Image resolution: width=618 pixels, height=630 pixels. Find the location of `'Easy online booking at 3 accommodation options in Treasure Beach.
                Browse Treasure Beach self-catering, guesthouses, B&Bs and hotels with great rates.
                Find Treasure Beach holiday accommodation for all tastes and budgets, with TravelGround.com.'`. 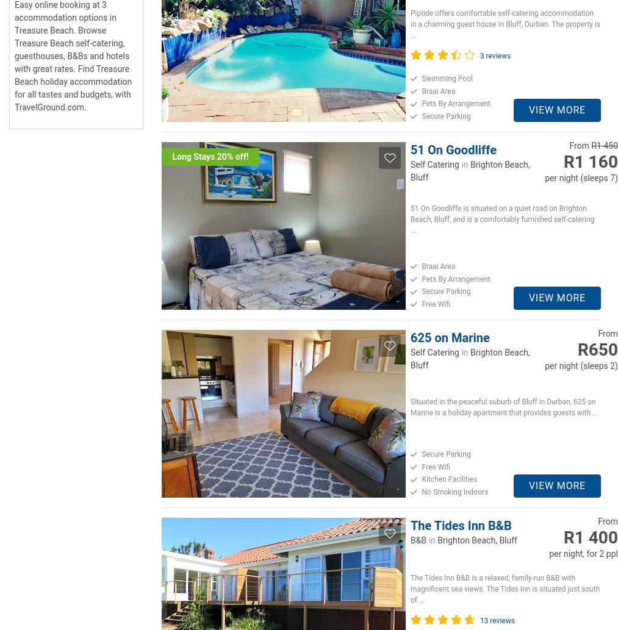

'Easy online booking at 3 accommodation options in Treasure Beach.
                Browse Treasure Beach self-catering, guesthouses, B&Bs and hotels with great rates.
                Find Treasure Beach holiday accommodation for all tastes and budgets, with TravelGround.com.' is located at coordinates (73, 56).